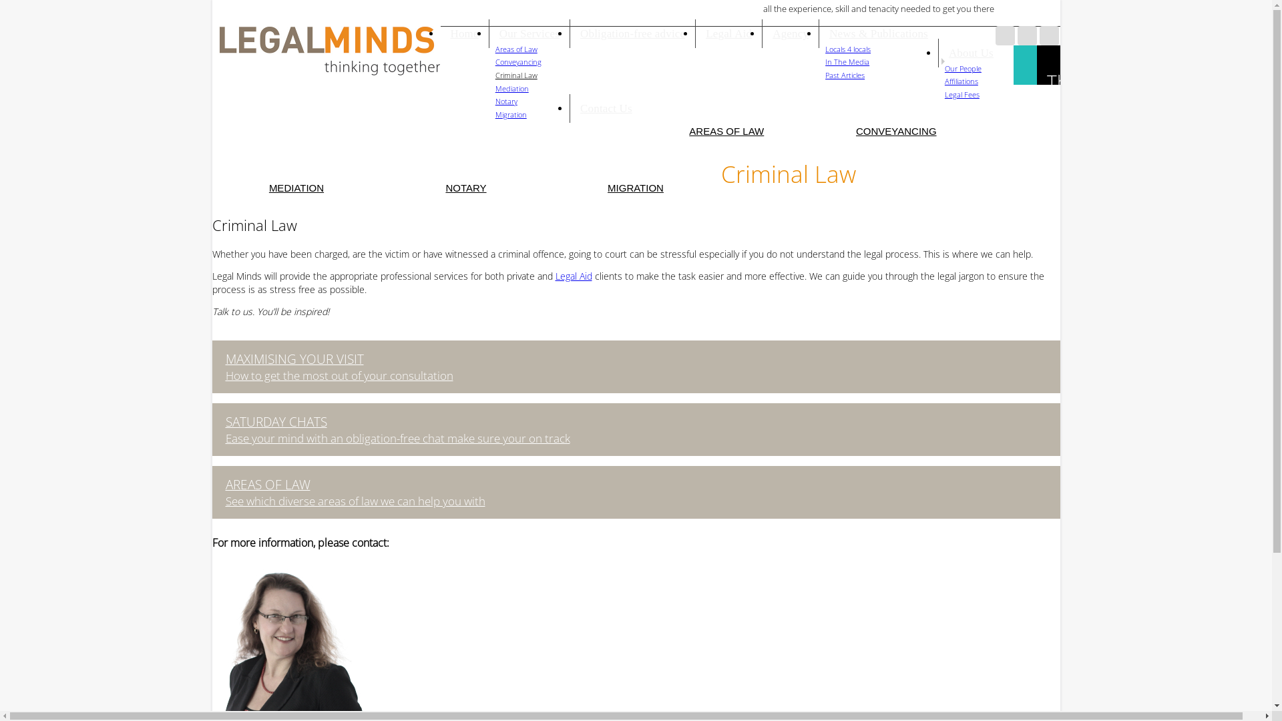  I want to click on 'In The Media', so click(846, 61).